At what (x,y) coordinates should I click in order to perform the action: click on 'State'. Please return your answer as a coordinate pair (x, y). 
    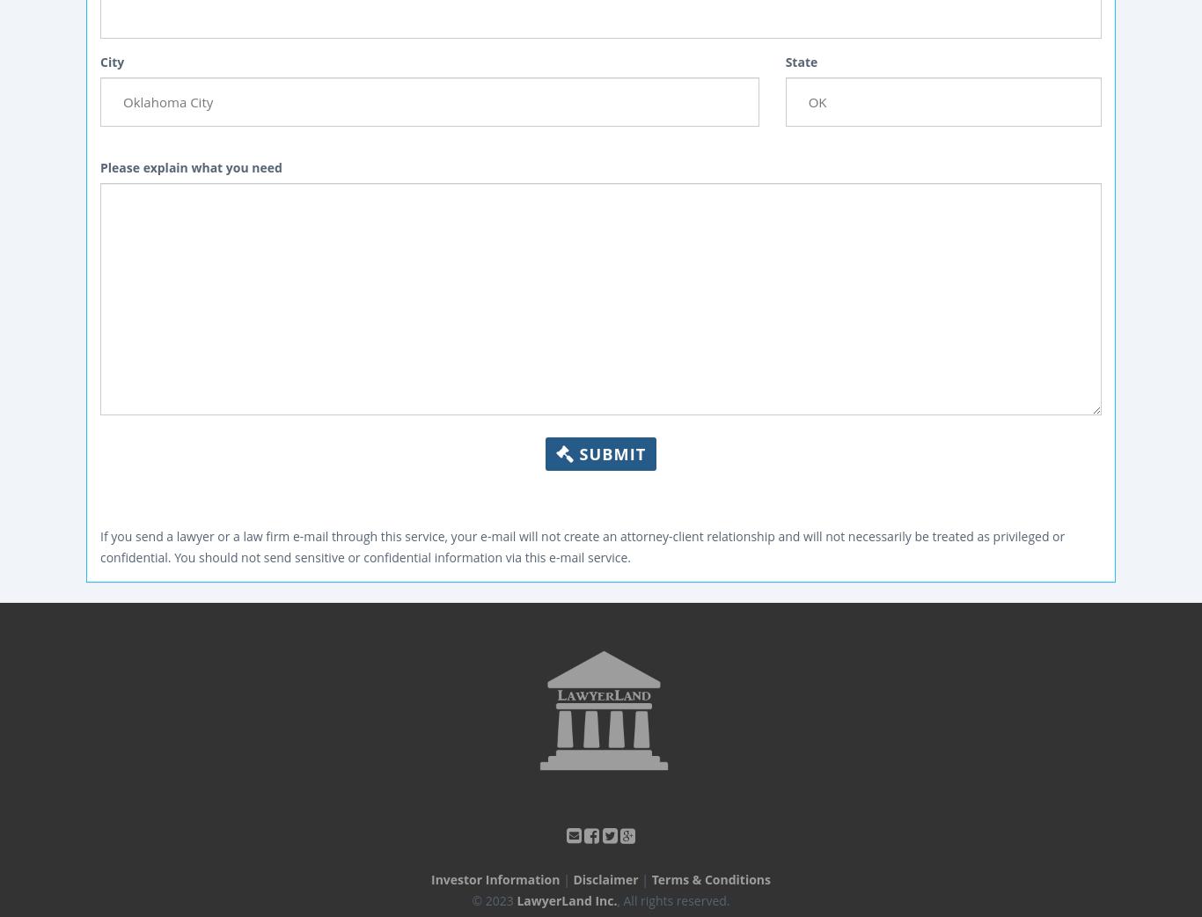
    Looking at the image, I should click on (800, 60).